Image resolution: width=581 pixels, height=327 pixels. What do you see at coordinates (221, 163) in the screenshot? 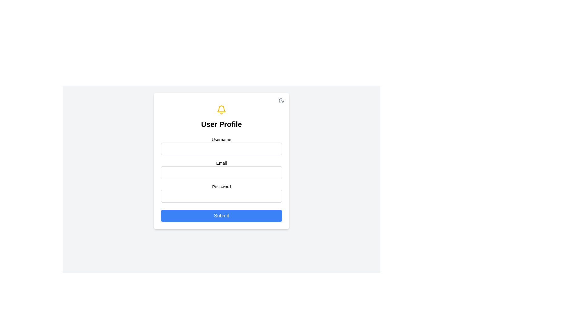
I see `the input field associated with the email address label located at the top of the email input form` at bounding box center [221, 163].